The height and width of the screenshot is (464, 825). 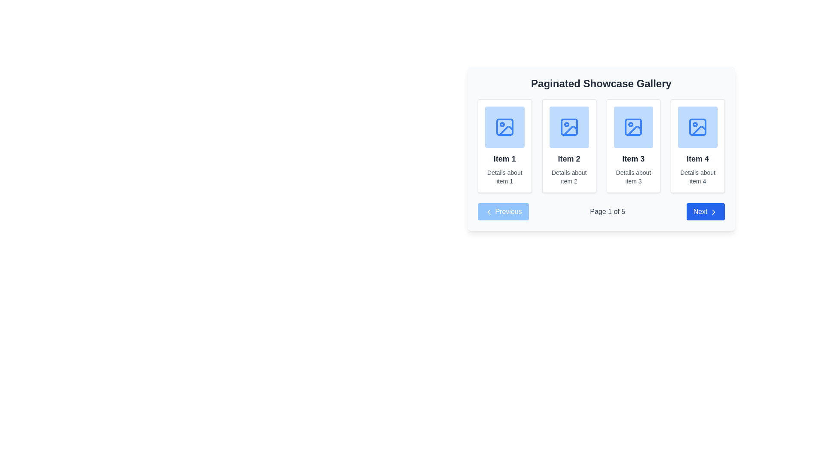 What do you see at coordinates (698, 159) in the screenshot?
I see `the text label displaying 'Item 4', which is prominently styled in a larger font size and bold weight, located below a blue image icon and above the descriptive text 'Details about item 4'` at bounding box center [698, 159].